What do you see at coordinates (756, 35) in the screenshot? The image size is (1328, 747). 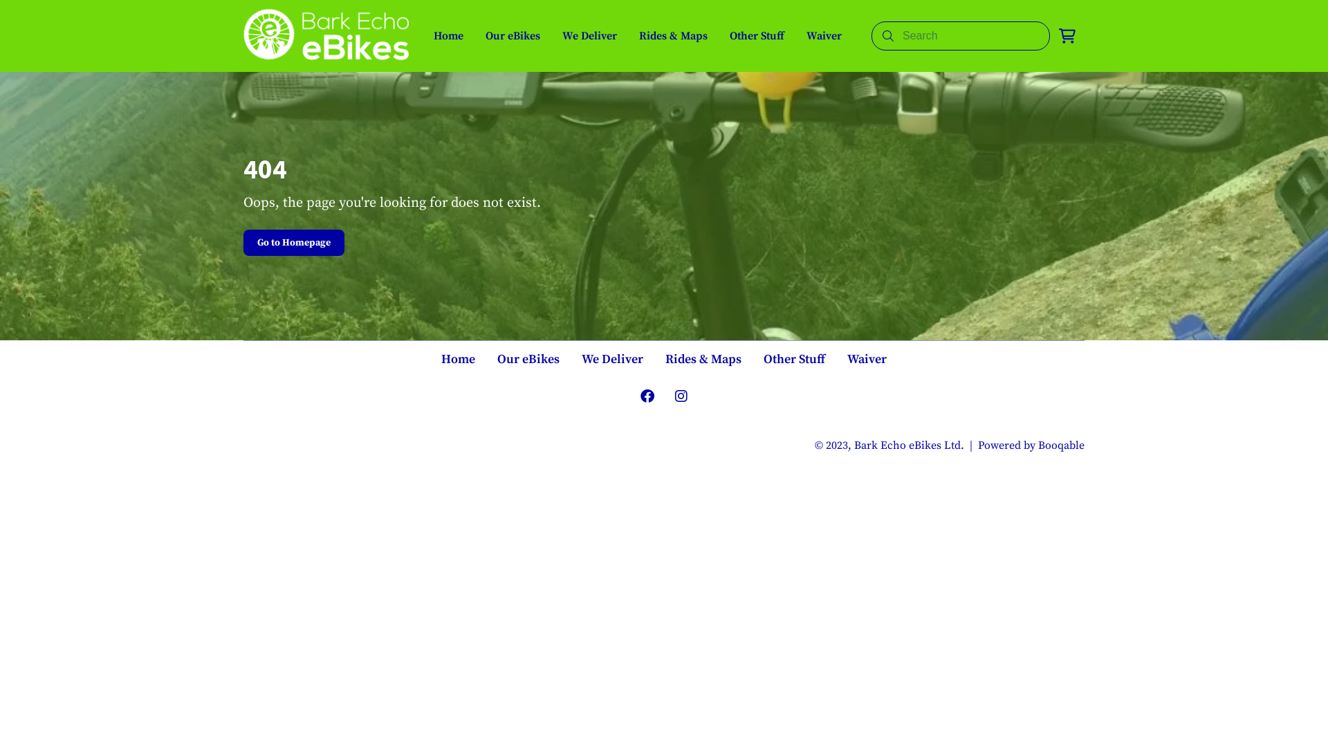 I see `'Other Stuff'` at bounding box center [756, 35].